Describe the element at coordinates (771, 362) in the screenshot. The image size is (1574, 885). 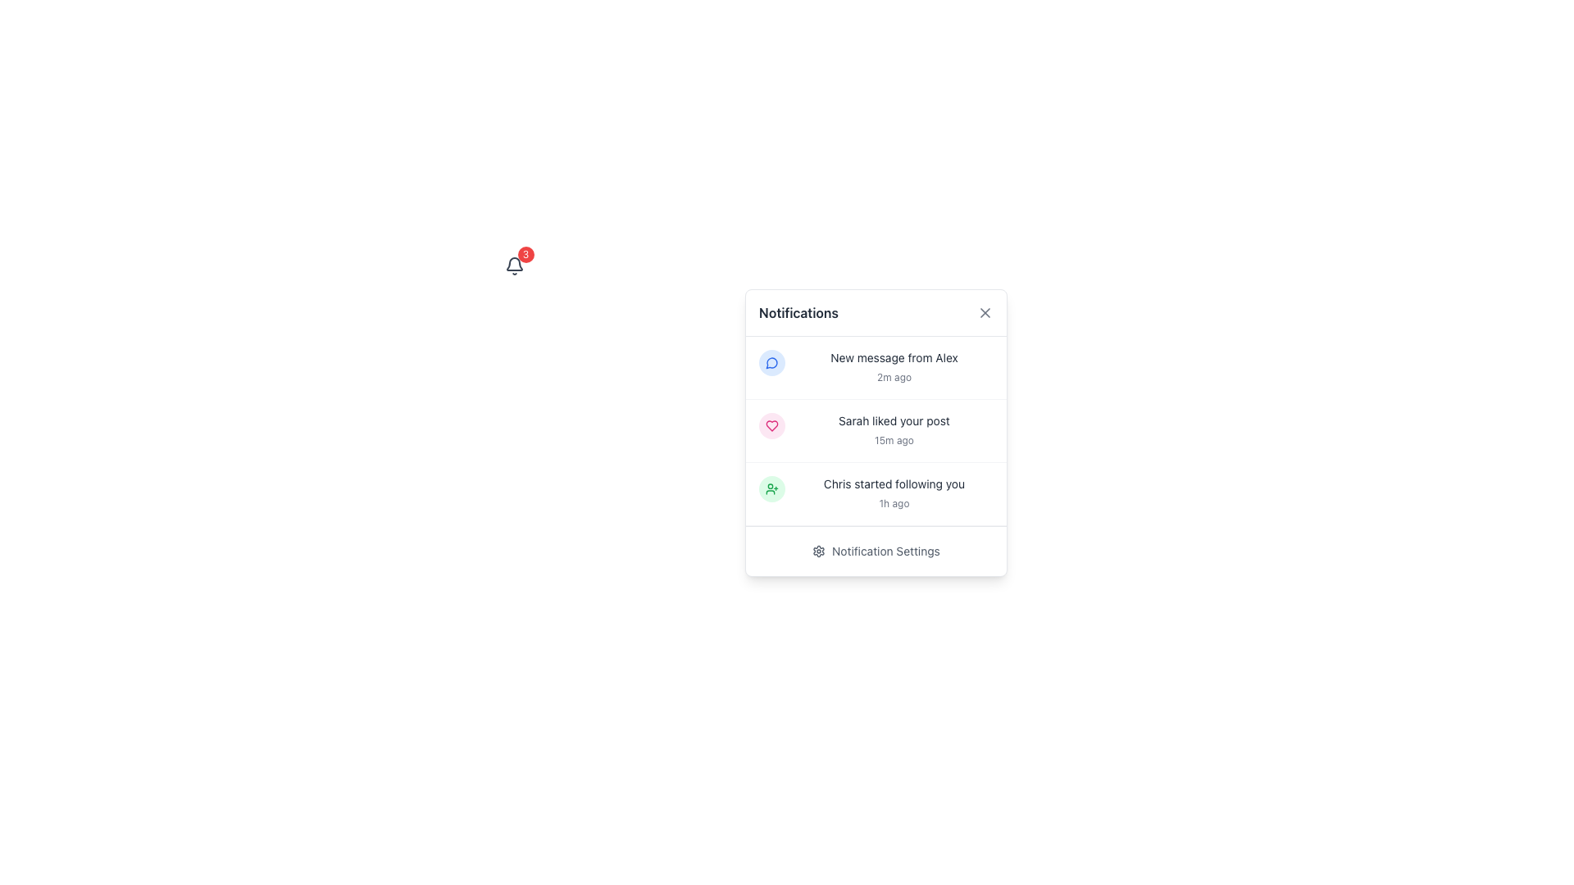
I see `the notification icon representing messages, which is located to the left of the text 'New message from Alex, 2m ago' within the Notifications card` at that location.